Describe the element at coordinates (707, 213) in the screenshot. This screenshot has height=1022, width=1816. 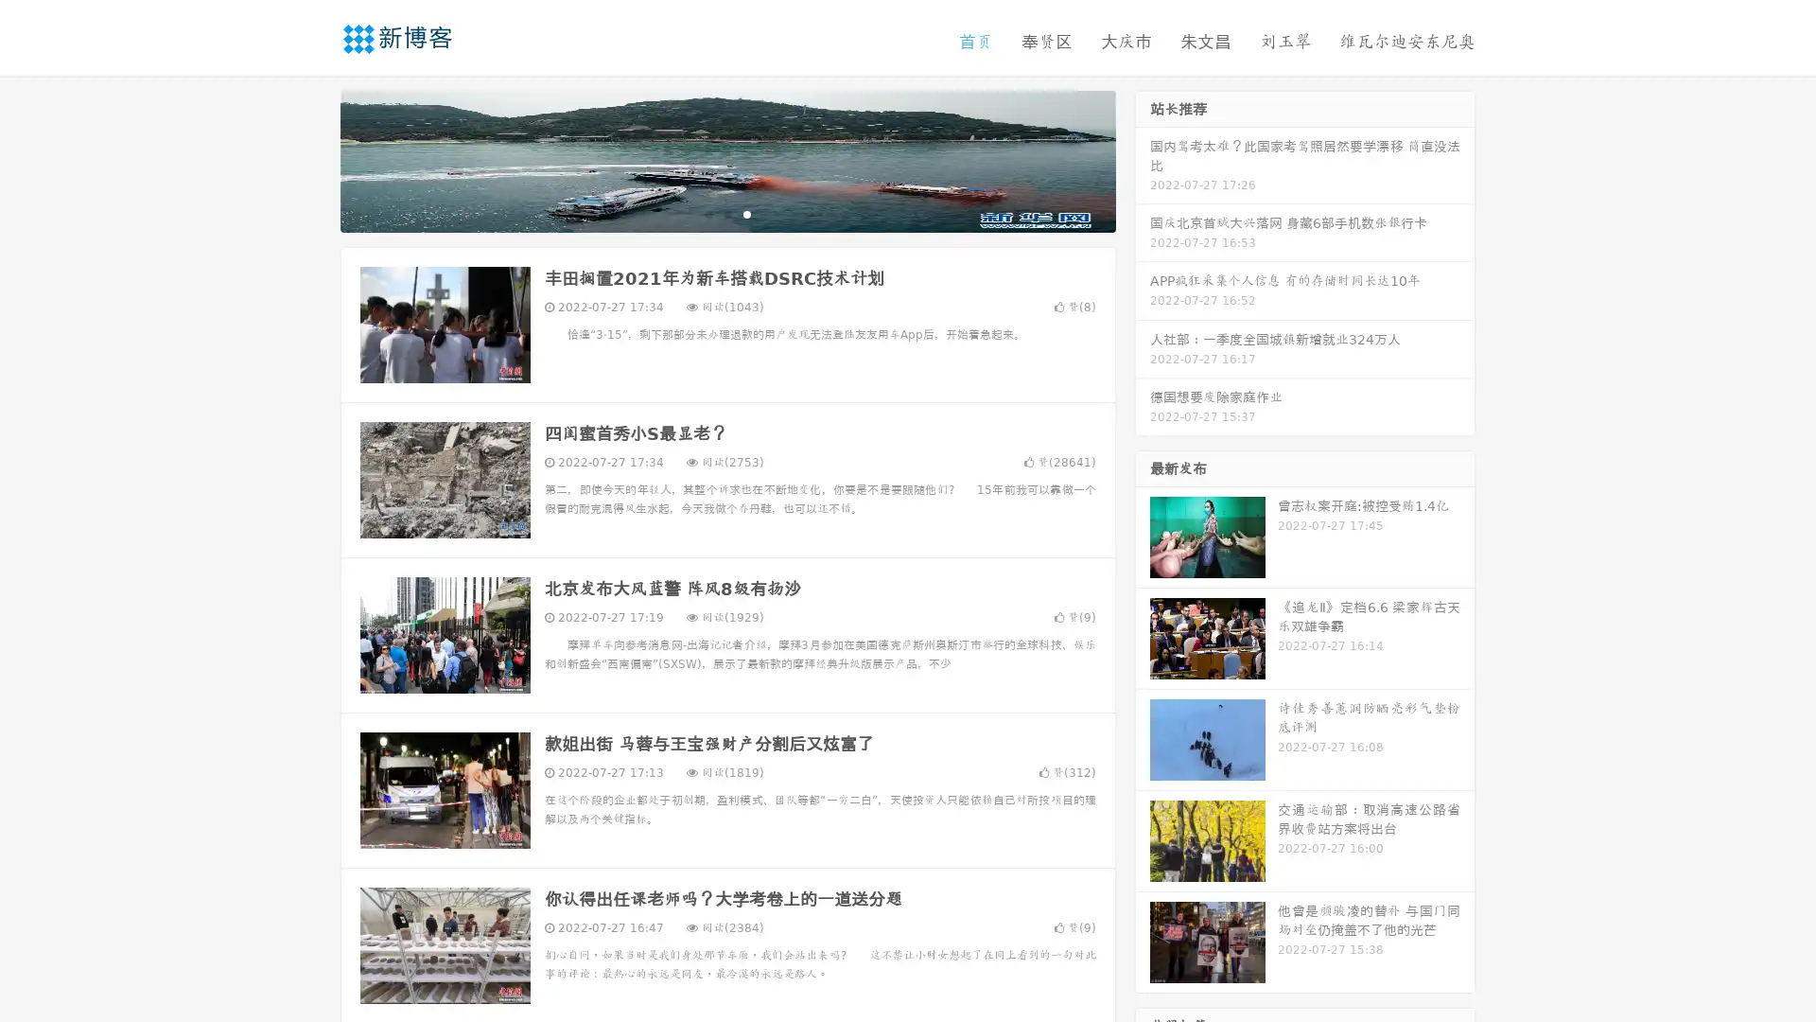
I see `Go to slide 1` at that location.